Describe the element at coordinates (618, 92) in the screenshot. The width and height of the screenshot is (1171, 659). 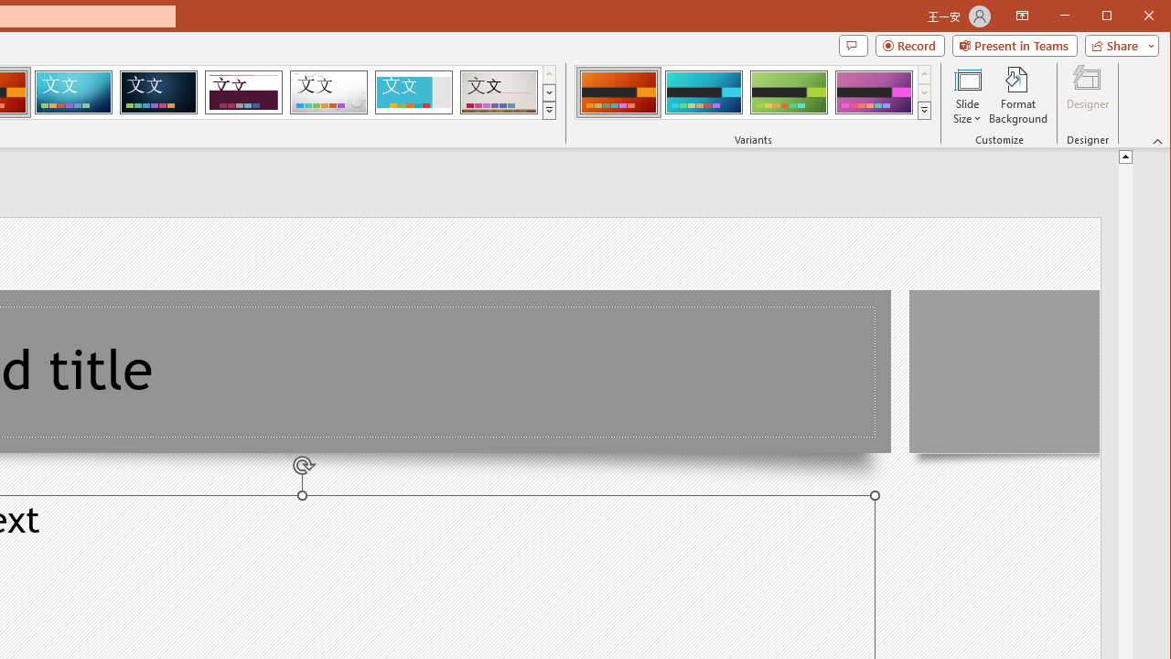
I see `'Berlin Variant 1'` at that location.